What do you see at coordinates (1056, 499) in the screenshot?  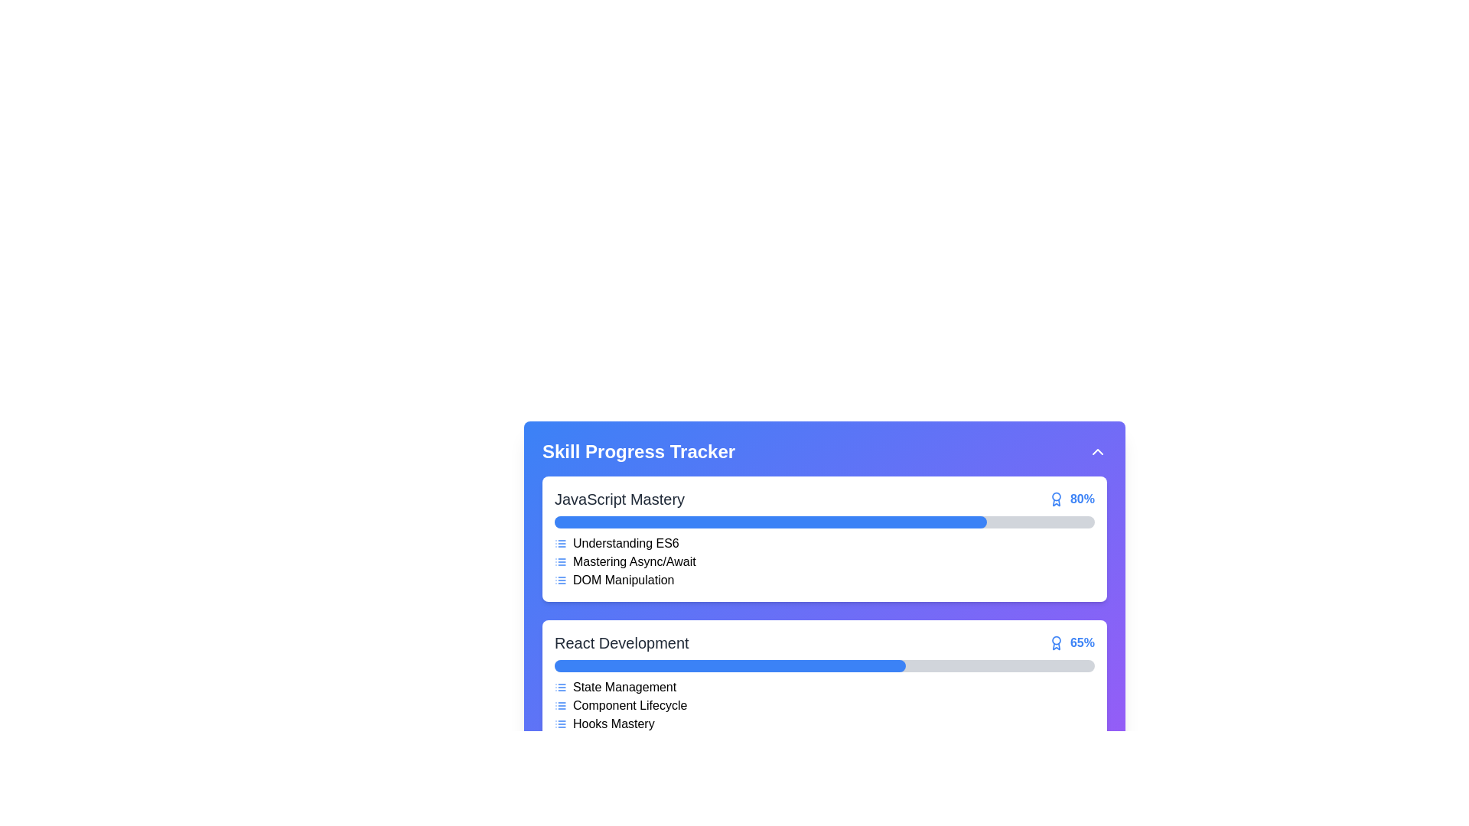 I see `the award badge icon located to the left of the '80%' text in the 'Skill Progress Tracker' panel under the 'JavaScript Mastery' section` at bounding box center [1056, 499].